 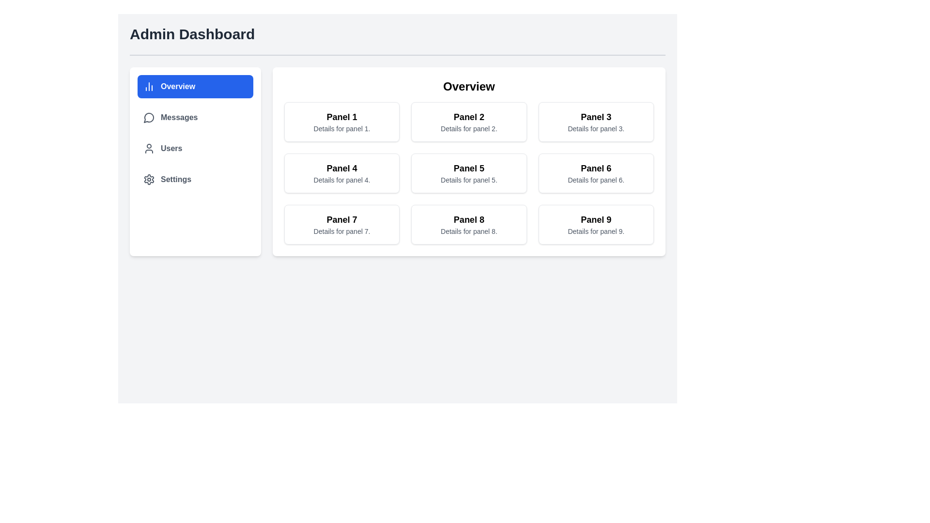 What do you see at coordinates (469, 86) in the screenshot?
I see `the Text Header located at the center-top of the main content card, which indicates the overall topic or content focus of the following panels` at bounding box center [469, 86].